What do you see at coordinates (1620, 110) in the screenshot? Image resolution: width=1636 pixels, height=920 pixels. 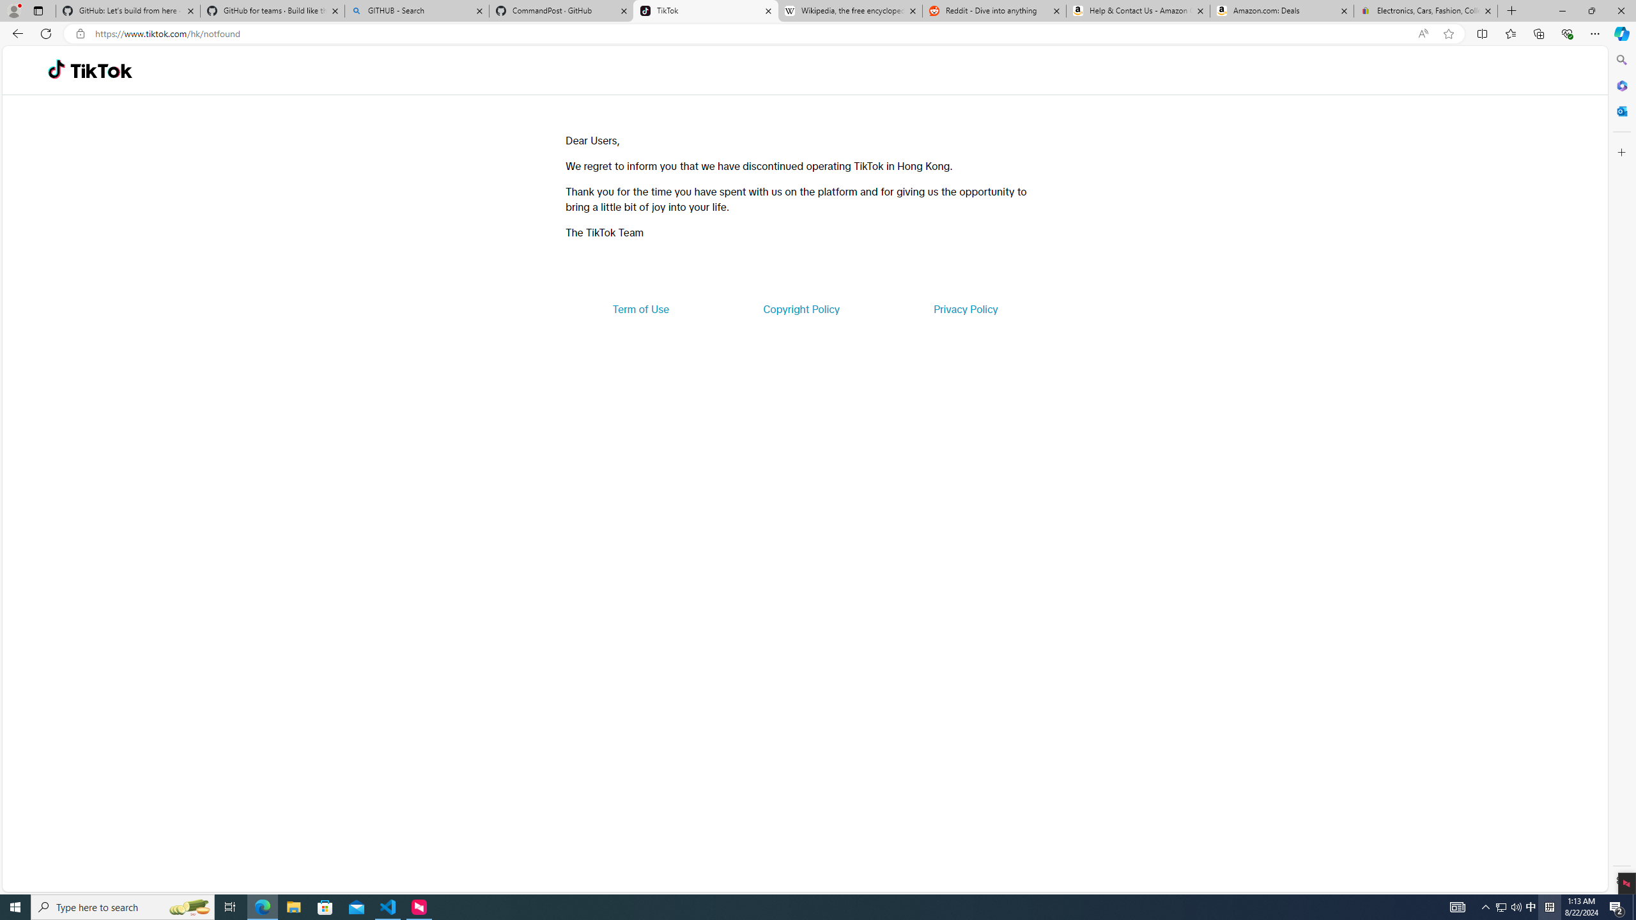 I see `'Close Outlook pane'` at bounding box center [1620, 110].